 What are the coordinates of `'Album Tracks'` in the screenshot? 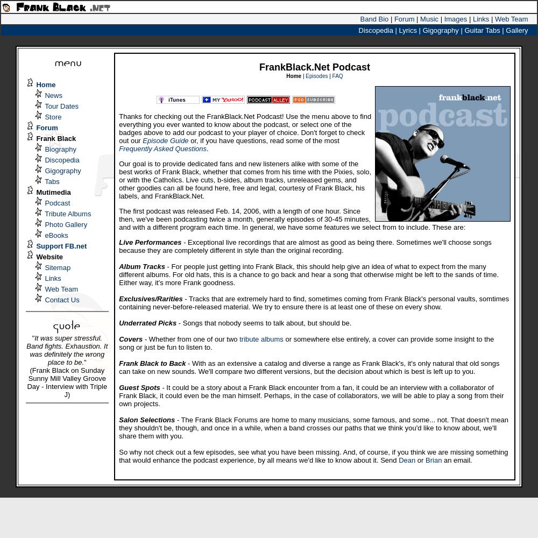 It's located at (141, 266).